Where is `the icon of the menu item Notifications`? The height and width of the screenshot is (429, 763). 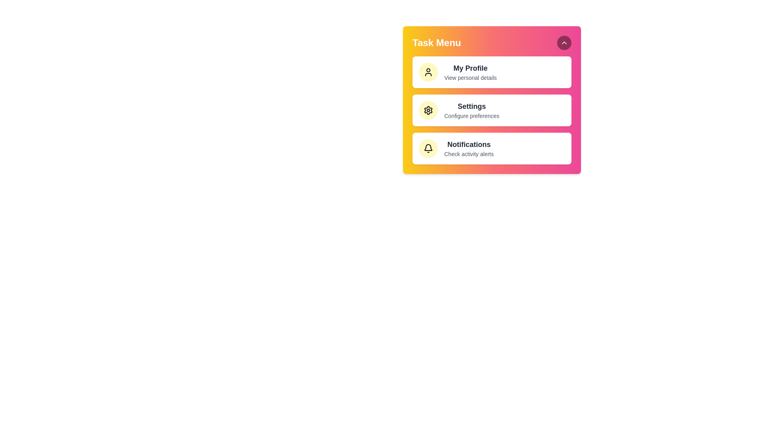 the icon of the menu item Notifications is located at coordinates (428, 149).